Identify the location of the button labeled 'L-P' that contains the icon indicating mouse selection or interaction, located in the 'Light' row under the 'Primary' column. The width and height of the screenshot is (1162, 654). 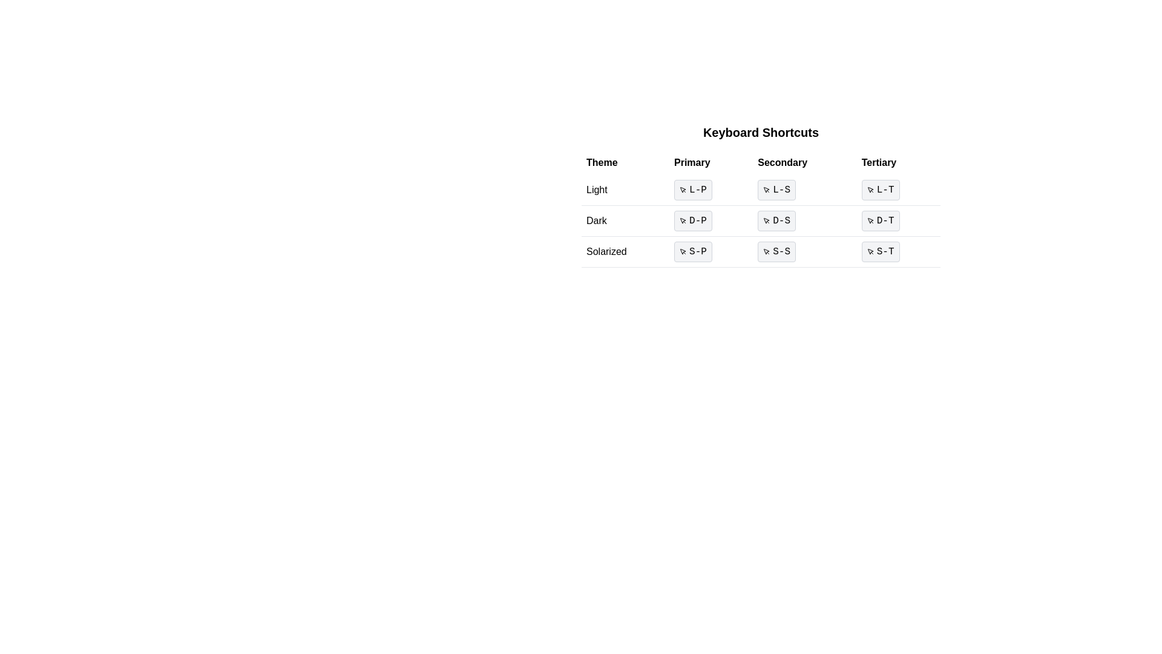
(683, 190).